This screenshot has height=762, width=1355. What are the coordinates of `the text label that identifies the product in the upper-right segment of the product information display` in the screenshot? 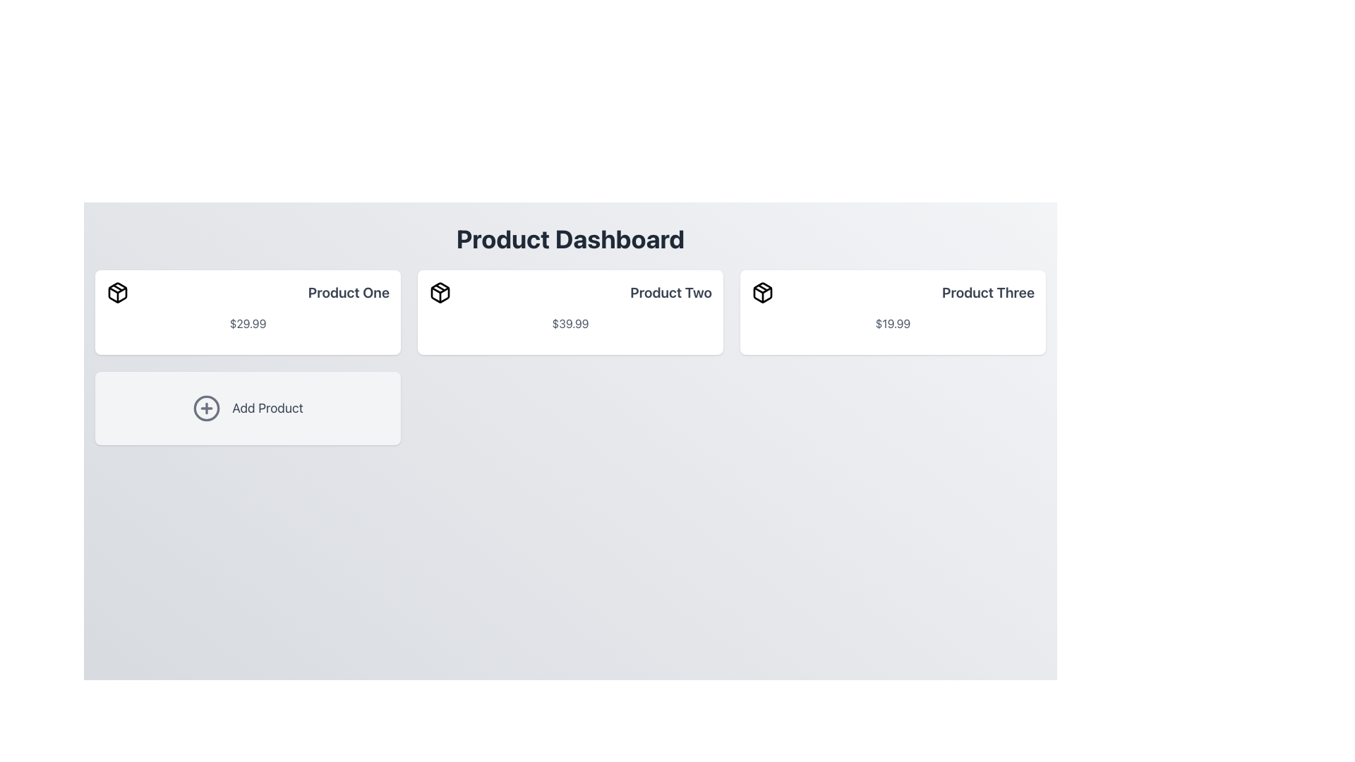 It's located at (987, 292).